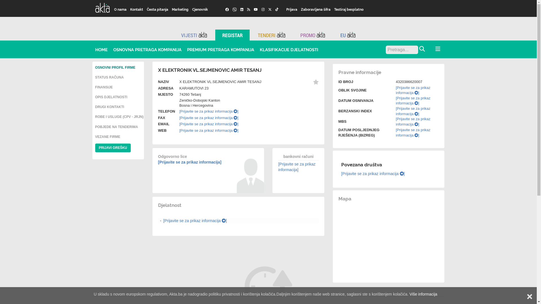 This screenshot has height=304, width=541. Describe the element at coordinates (111, 97) in the screenshot. I see `'OPIS DJELATNOSTI'` at that location.